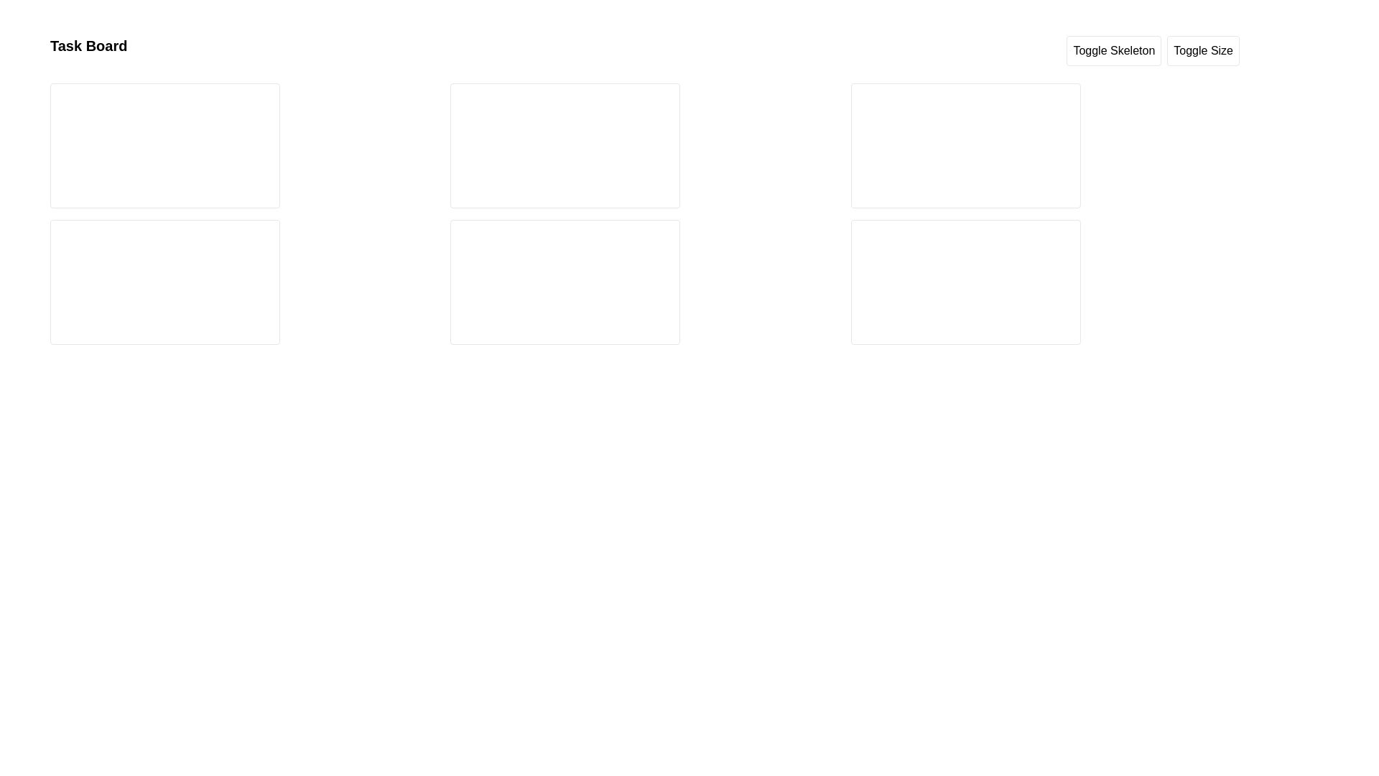 The height and width of the screenshot is (776, 1379). Describe the element at coordinates (965, 143) in the screenshot. I see `the first Skeleton placeholder, which serves as a visual indicator for a loading state, located near the top of a column of content boxes on the right of the interface layout` at that location.